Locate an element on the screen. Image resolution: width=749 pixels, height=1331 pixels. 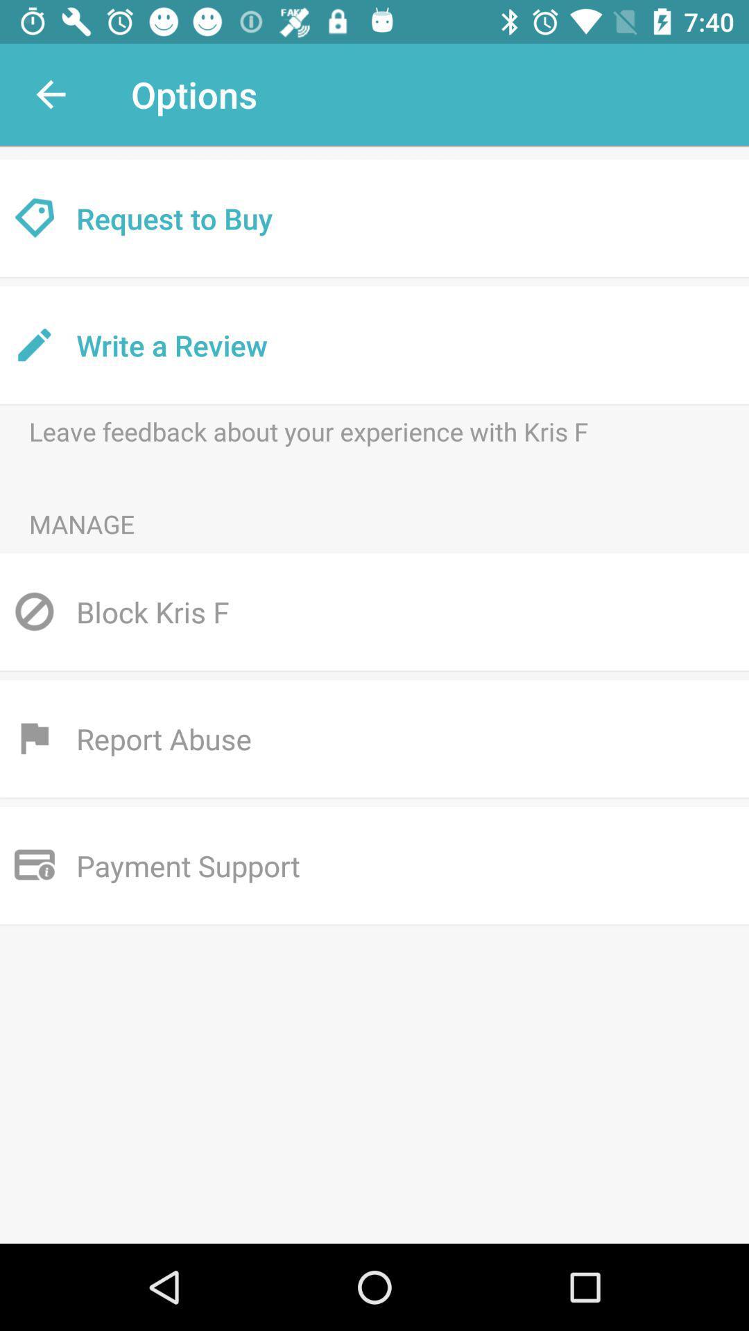
the app next to options item is located at coordinates (50, 94).